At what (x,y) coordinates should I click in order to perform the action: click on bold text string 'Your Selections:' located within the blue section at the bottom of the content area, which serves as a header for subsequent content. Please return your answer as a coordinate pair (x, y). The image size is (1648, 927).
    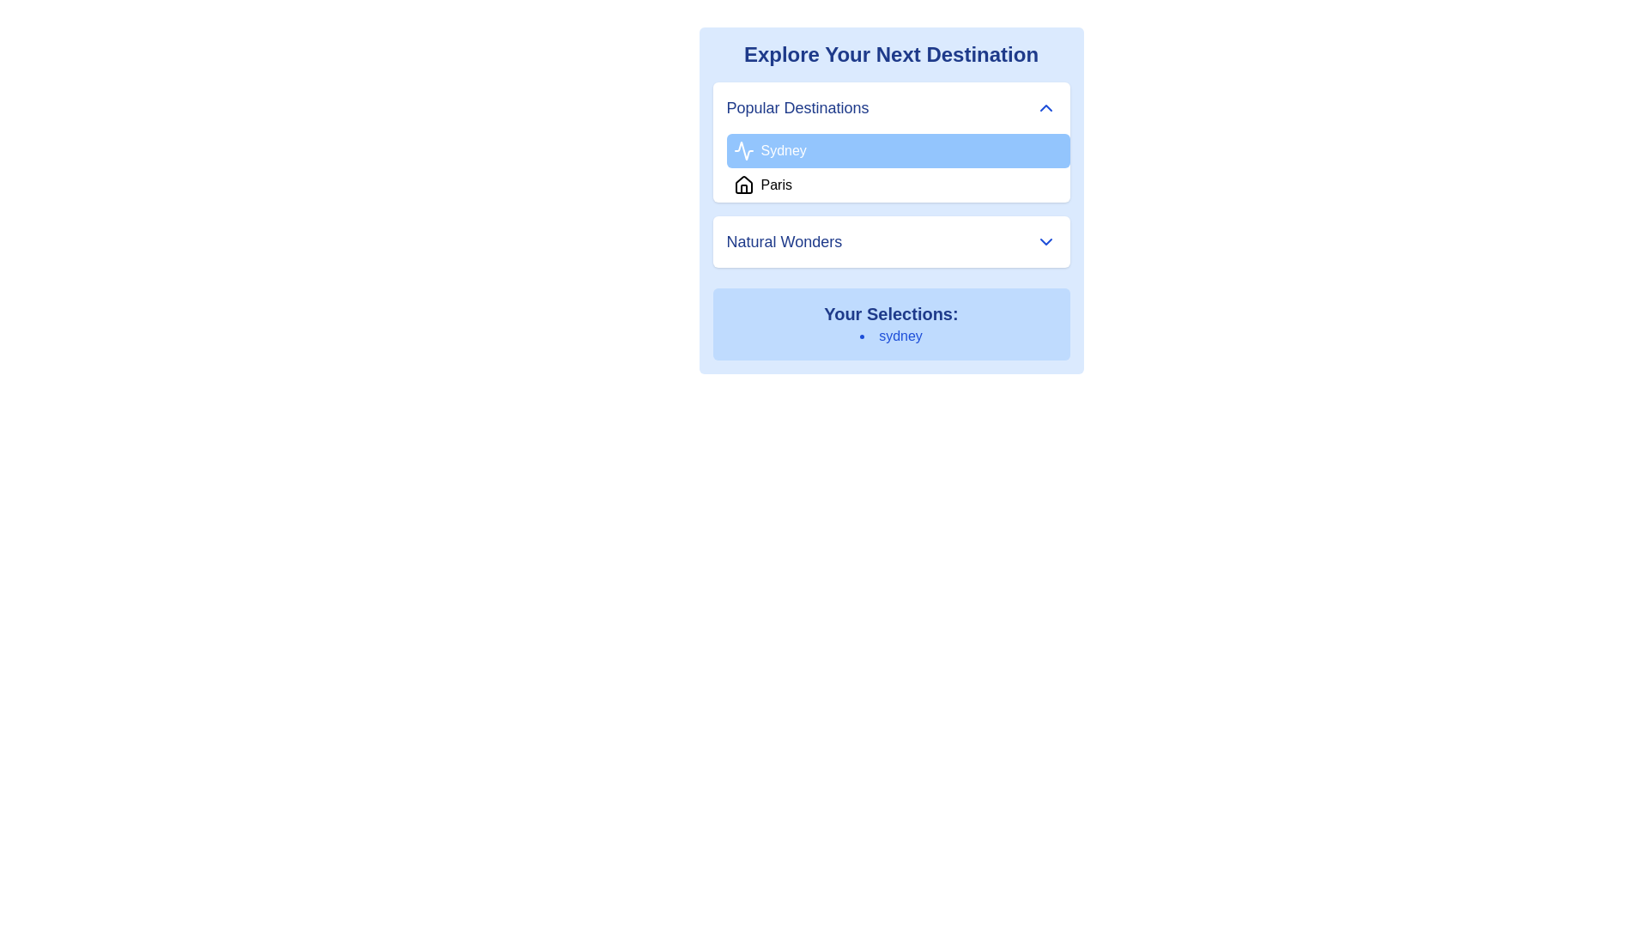
    Looking at the image, I should click on (891, 314).